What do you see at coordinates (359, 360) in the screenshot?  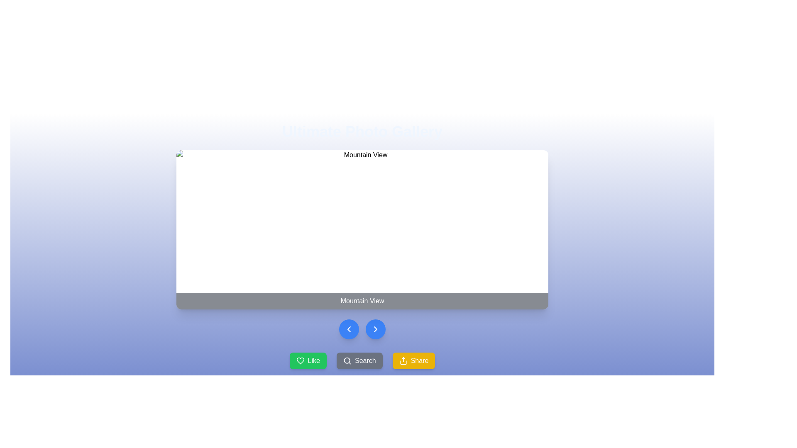 I see `the middle button in the horizontal arrangement of three buttons to initiate a search operation` at bounding box center [359, 360].